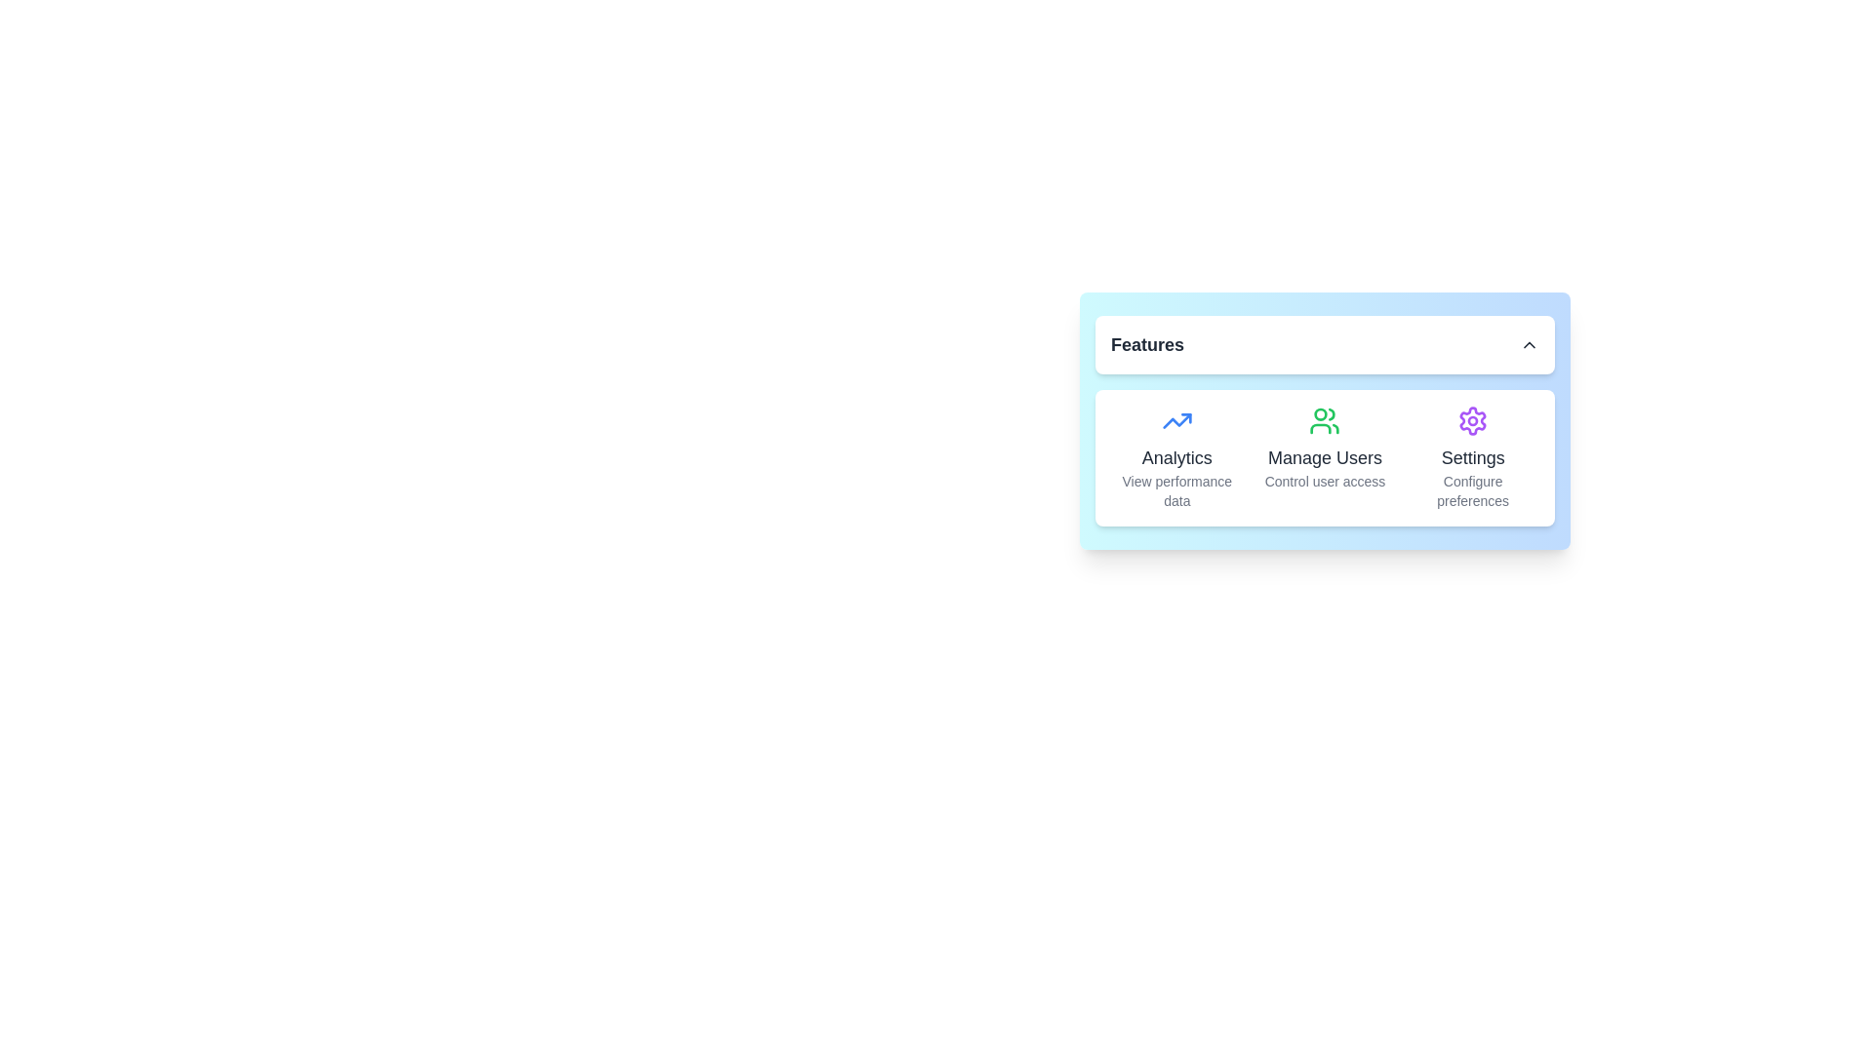 This screenshot has width=1873, height=1053. What do you see at coordinates (1473, 420) in the screenshot?
I see `the SVG gear icon representing settings, located above the 'Settings' text and adjacent to 'Analytics' and 'Manage Users'` at bounding box center [1473, 420].